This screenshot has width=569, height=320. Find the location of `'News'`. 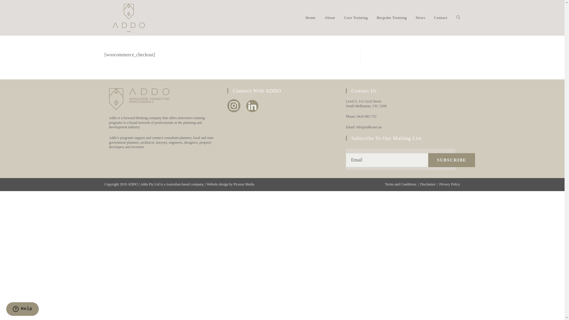

'News' is located at coordinates (420, 17).